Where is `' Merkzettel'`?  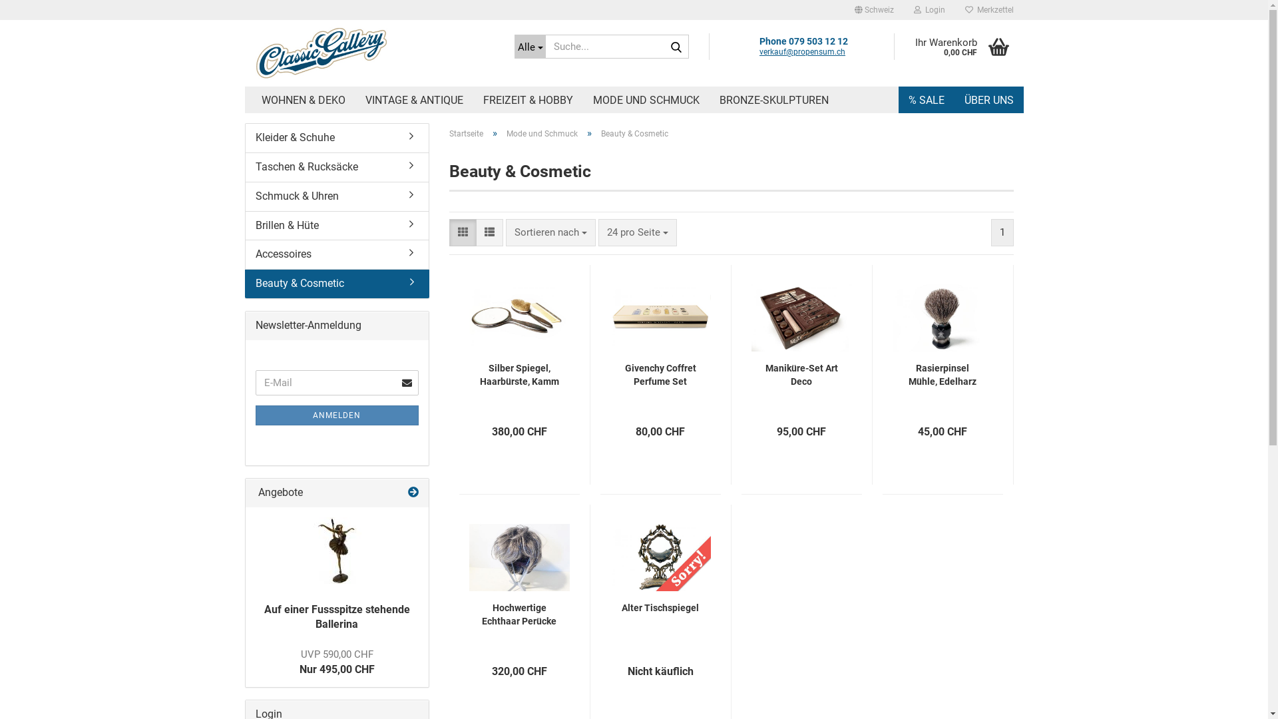 ' Merkzettel' is located at coordinates (988, 10).